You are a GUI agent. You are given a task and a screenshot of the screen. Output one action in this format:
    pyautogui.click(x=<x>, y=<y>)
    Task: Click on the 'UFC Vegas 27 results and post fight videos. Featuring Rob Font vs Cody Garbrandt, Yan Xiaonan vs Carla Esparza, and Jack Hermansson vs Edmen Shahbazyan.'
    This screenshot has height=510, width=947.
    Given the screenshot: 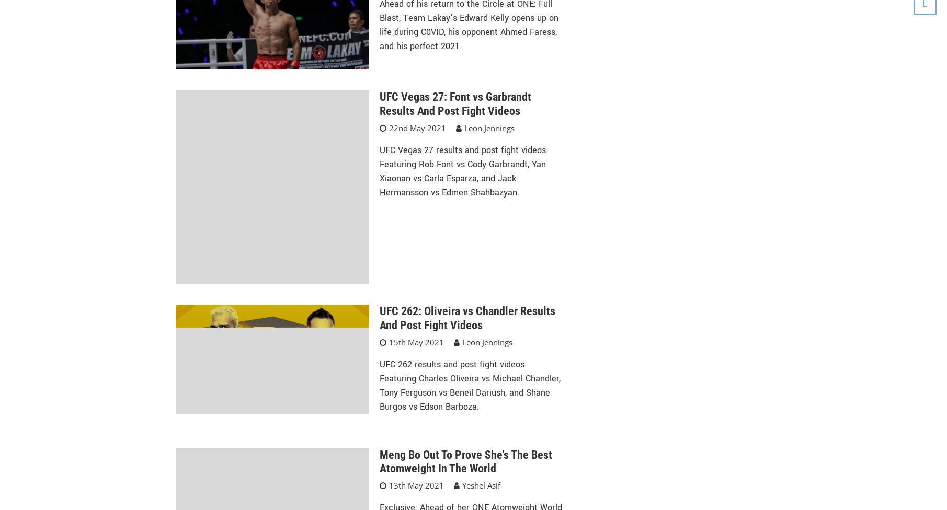 What is the action you would take?
    pyautogui.click(x=463, y=170)
    